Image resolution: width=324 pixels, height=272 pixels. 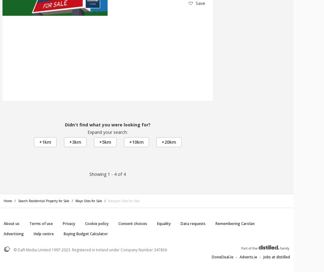 I want to click on '-', so click(x=112, y=174).